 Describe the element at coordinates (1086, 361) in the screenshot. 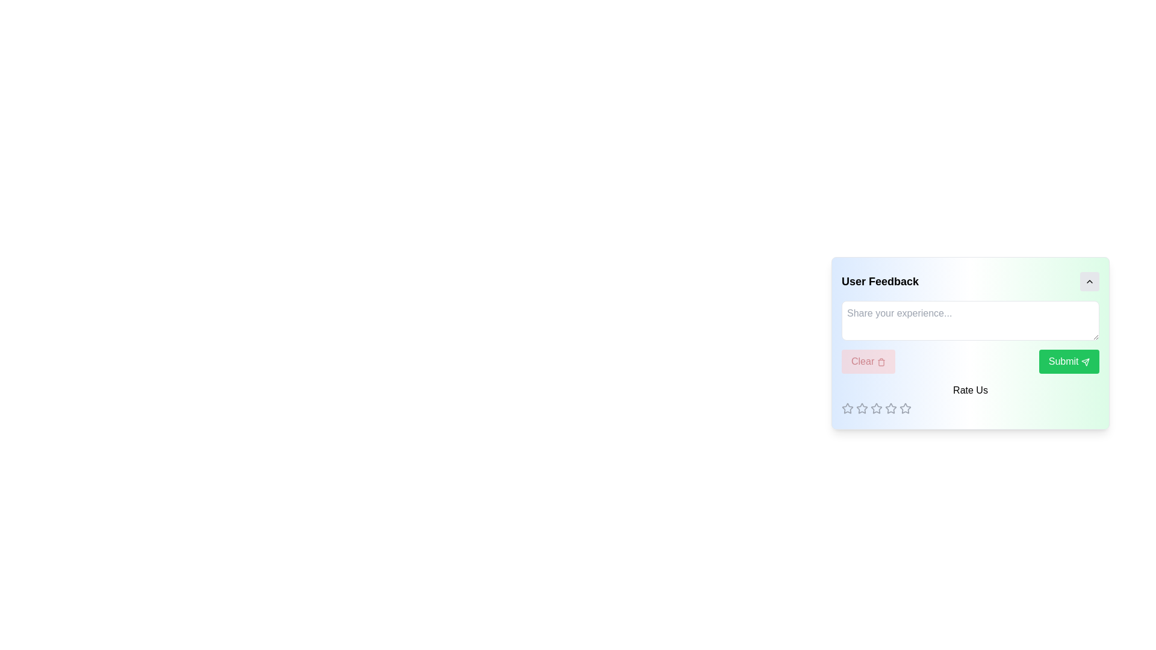

I see `the 'Submit' button containing the green arrow SVG icon` at that location.